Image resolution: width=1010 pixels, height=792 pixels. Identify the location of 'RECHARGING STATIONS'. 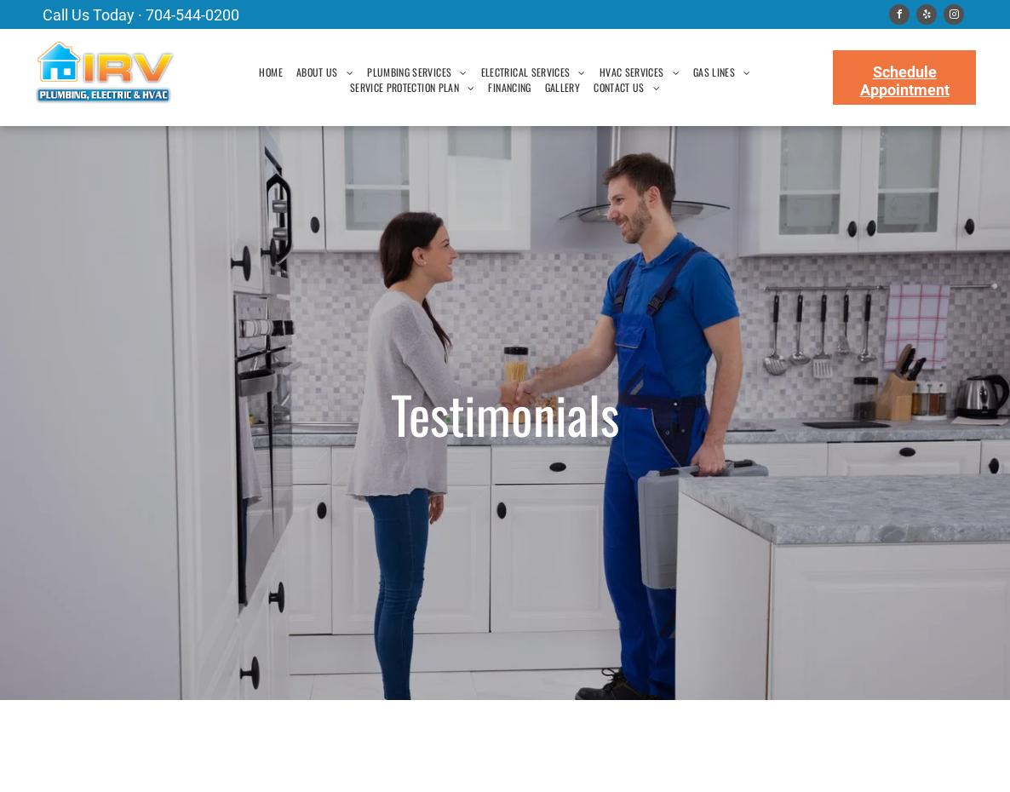
(535, 306).